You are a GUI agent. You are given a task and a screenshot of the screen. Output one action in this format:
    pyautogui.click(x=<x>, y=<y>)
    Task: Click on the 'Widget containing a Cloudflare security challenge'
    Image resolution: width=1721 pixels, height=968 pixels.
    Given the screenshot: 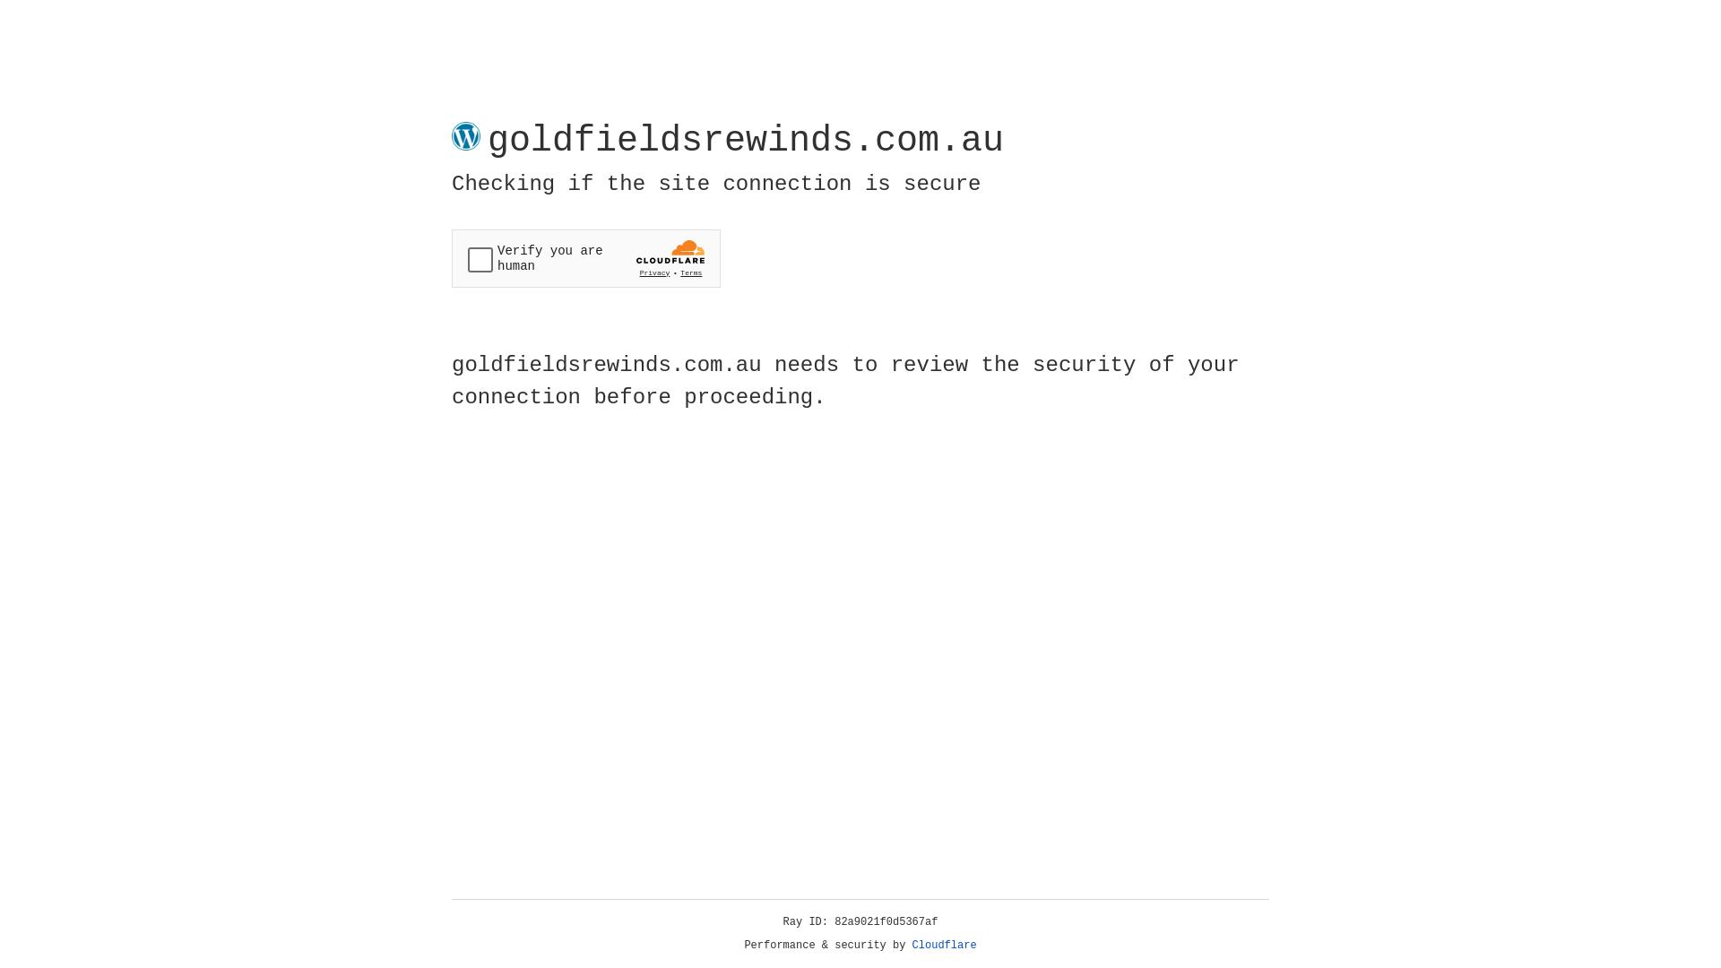 What is the action you would take?
    pyautogui.click(x=585, y=258)
    